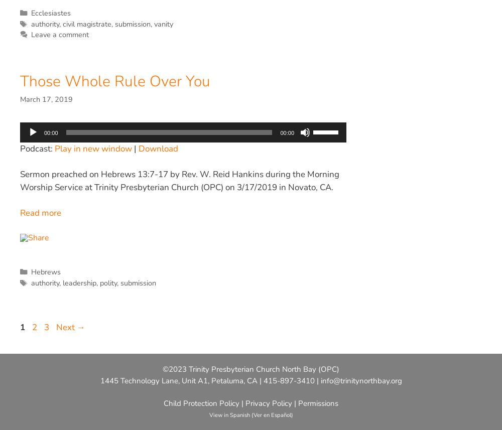 The width and height of the screenshot is (502, 430). Describe the element at coordinates (210, 380) in the screenshot. I see `'1445 Technology Lane, Unit A1, Petaluma, CA |  415-897-3410 |'` at that location.